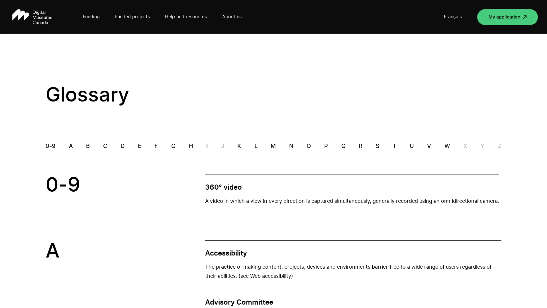  What do you see at coordinates (122, 146) in the screenshot?
I see `D` at bounding box center [122, 146].